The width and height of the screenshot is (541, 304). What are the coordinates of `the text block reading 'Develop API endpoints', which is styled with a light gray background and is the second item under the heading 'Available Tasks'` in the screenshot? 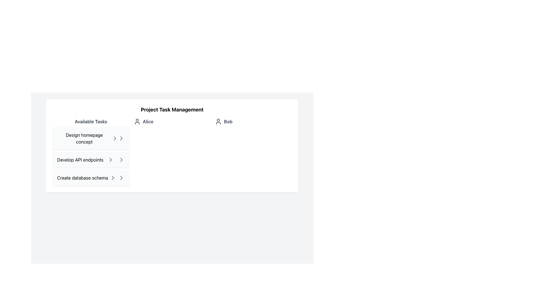 It's located at (91, 156).